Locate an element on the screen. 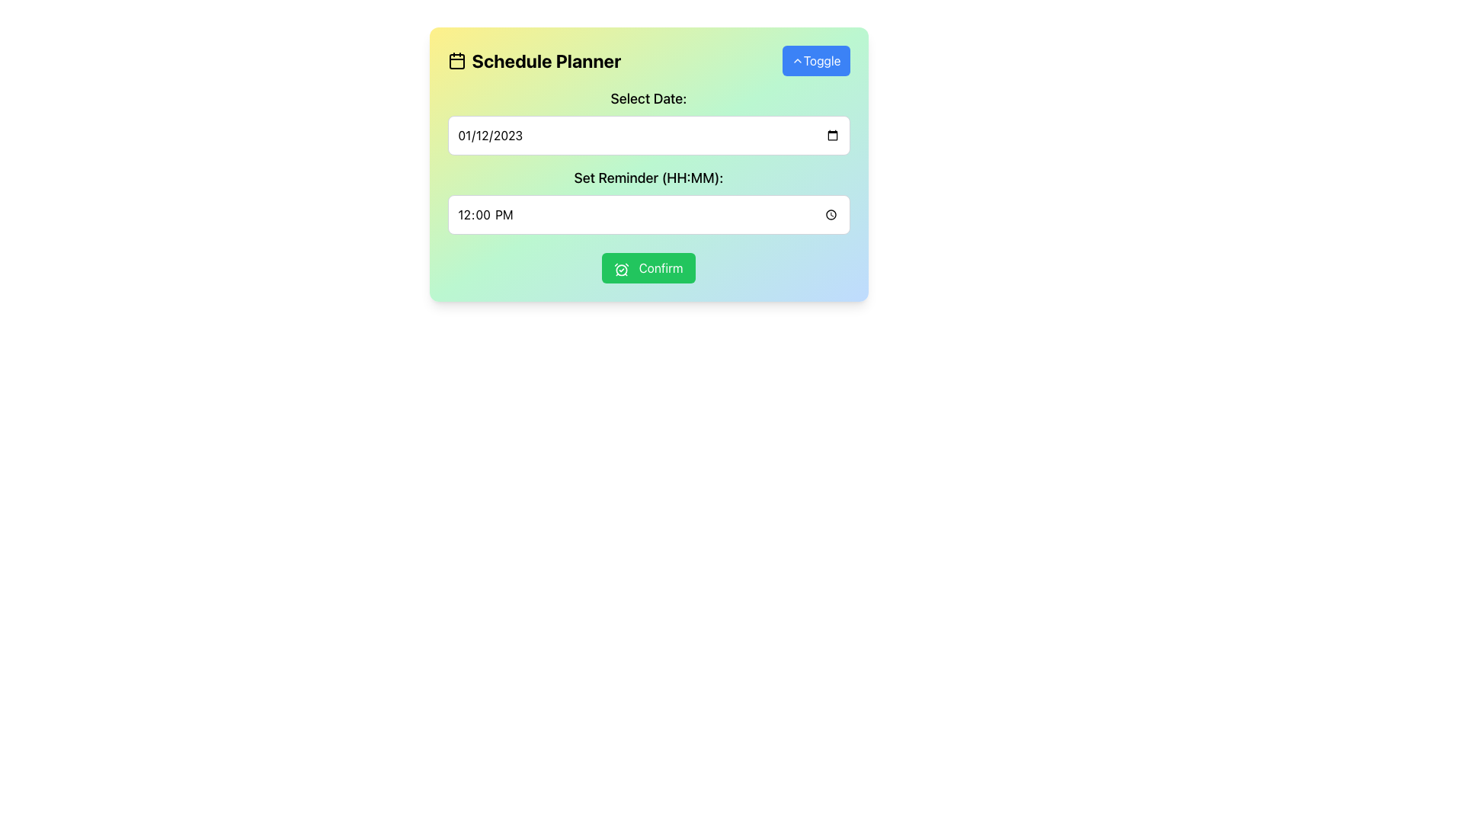 Image resolution: width=1463 pixels, height=823 pixels. the calendar icon located to the left of the 'Schedule Planner' title at the top of the interface is located at coordinates (456, 61).